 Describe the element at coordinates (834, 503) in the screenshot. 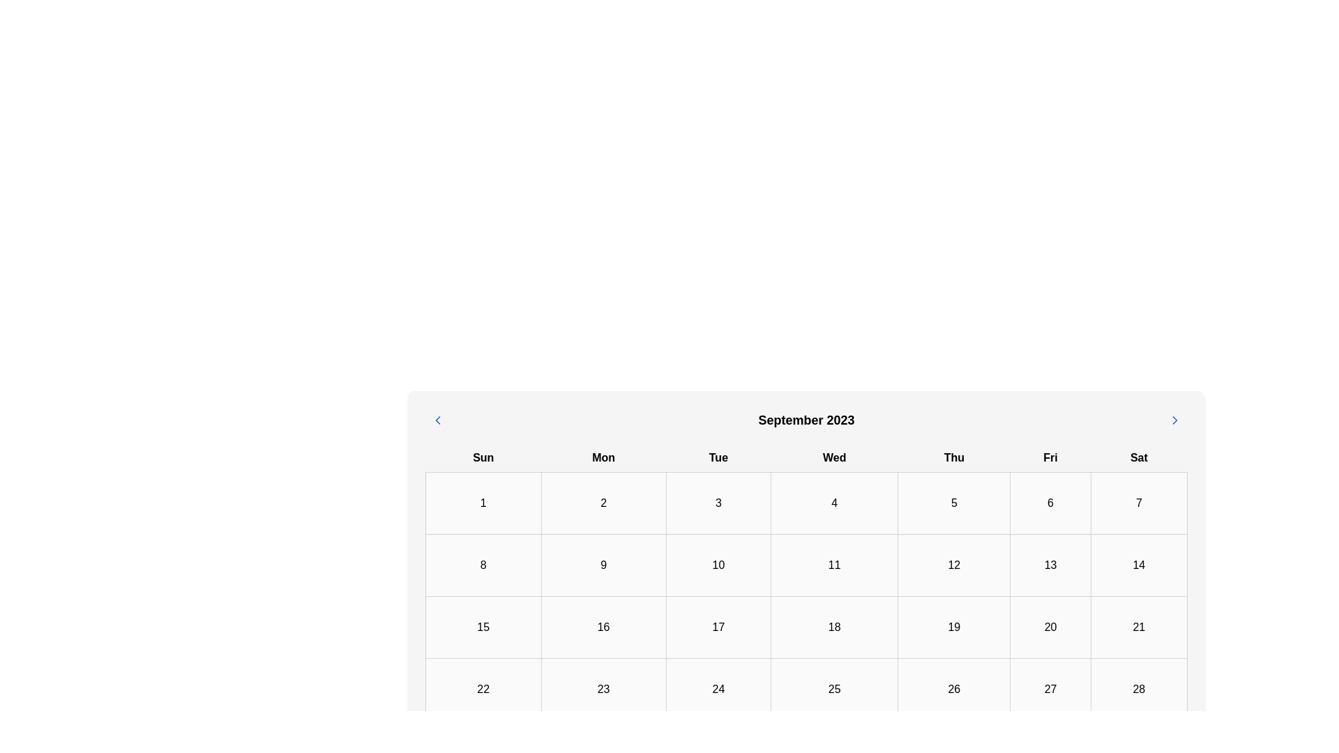

I see `to select the calendar date cell displaying the number '4', which is located under the 'Wed' column header in the first row of the calendar grid` at that location.